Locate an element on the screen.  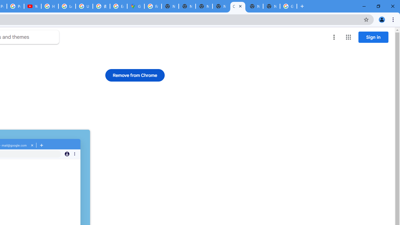
'More options menu' is located at coordinates (334, 37).